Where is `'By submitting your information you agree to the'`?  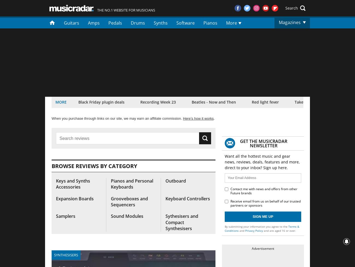 'By submitting your information you agree to the' is located at coordinates (256, 226).